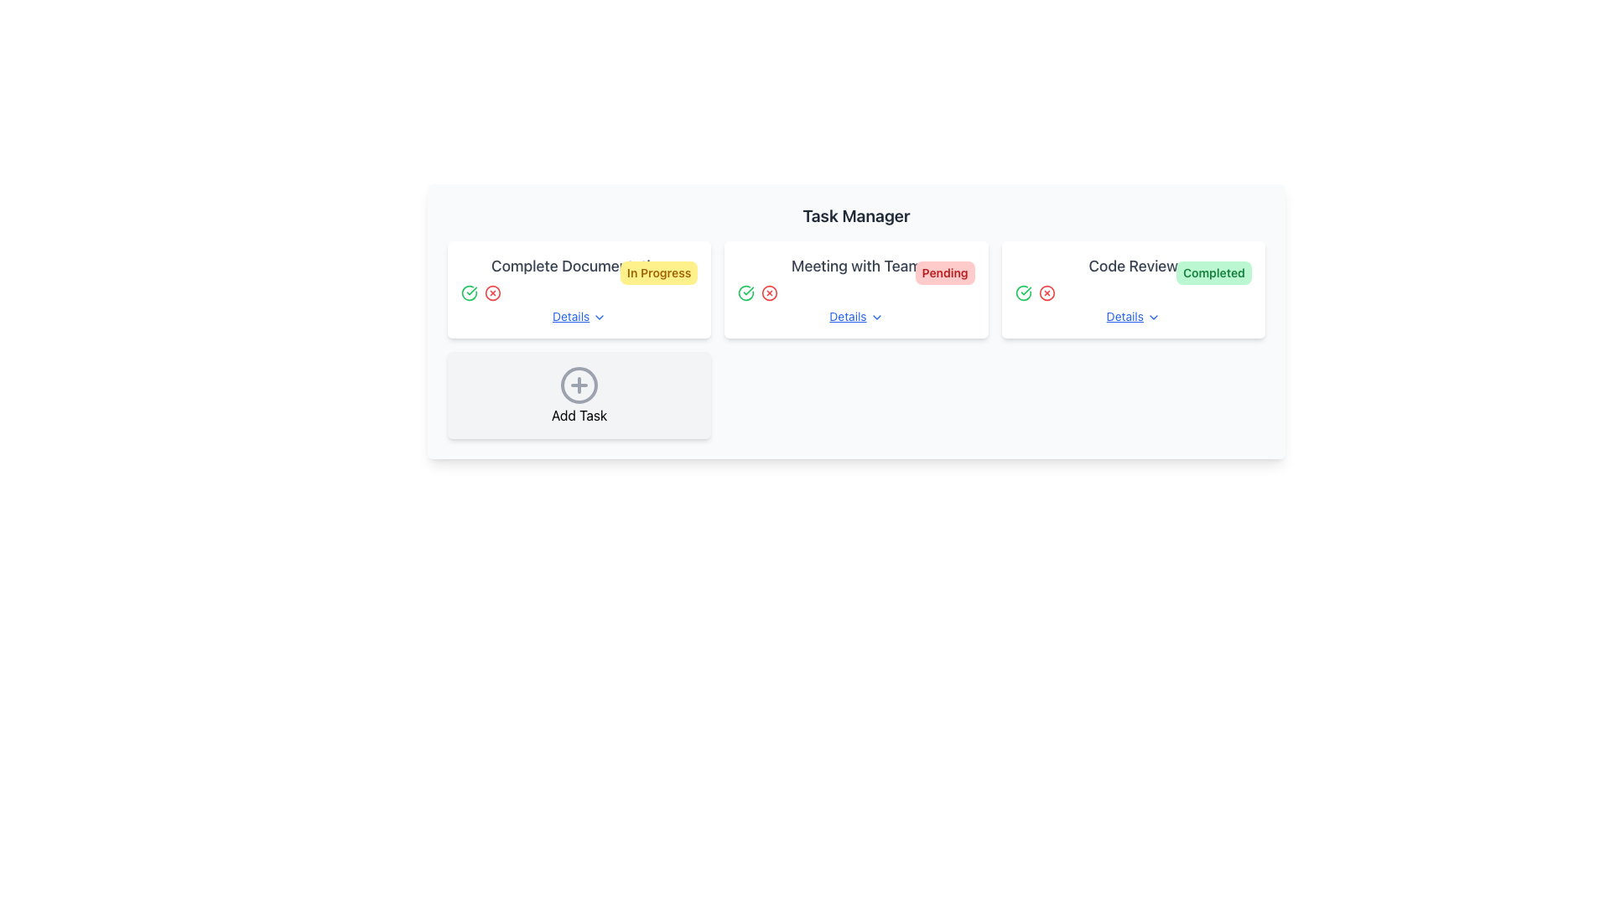 This screenshot has width=1610, height=905. I want to click on the interactive text link with an icon located at the bottom of the 'Meeting with Team' card, so click(856, 317).